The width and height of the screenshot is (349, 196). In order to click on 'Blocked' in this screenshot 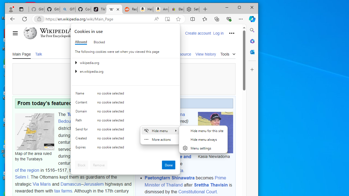, I will do `click(99, 42)`.